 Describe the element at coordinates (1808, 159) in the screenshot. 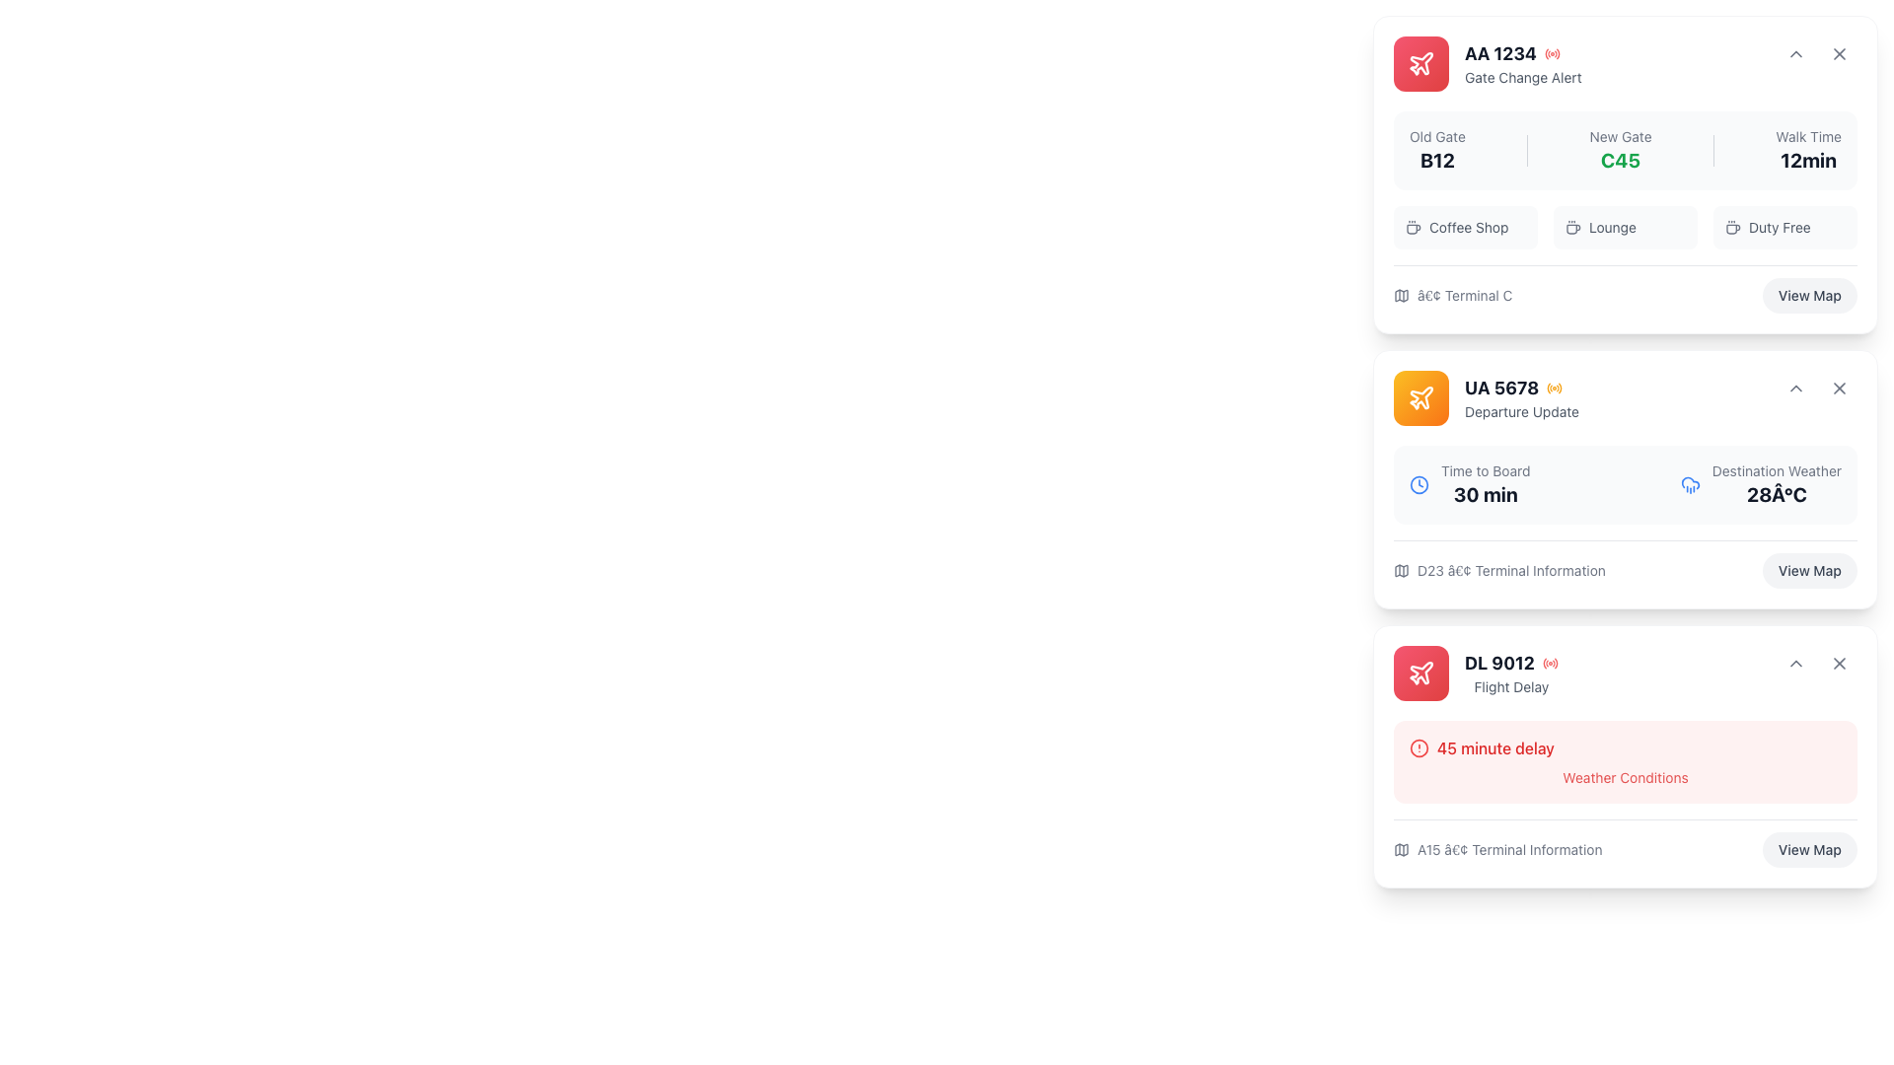

I see `text component indicating the estimated walking time to a specific location, located below the label 'Walk Time' in the top-right corner of the flight AA 1234 card` at that location.